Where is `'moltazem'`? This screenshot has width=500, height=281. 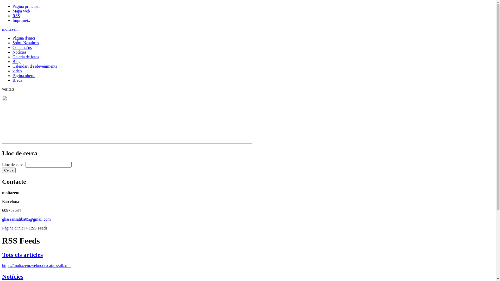 'moltazem' is located at coordinates (10, 29).